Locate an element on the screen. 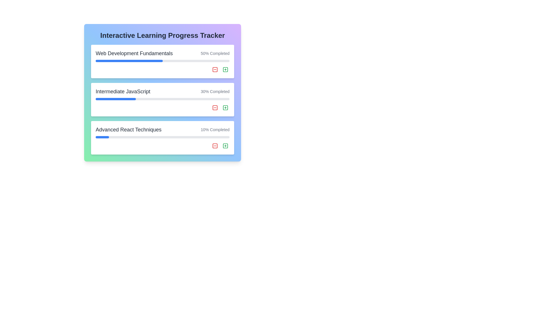  the group of interactive buttons located at the footer of the 'Web Development Fundamentals' section for potential visual feedback is located at coordinates (162, 69).